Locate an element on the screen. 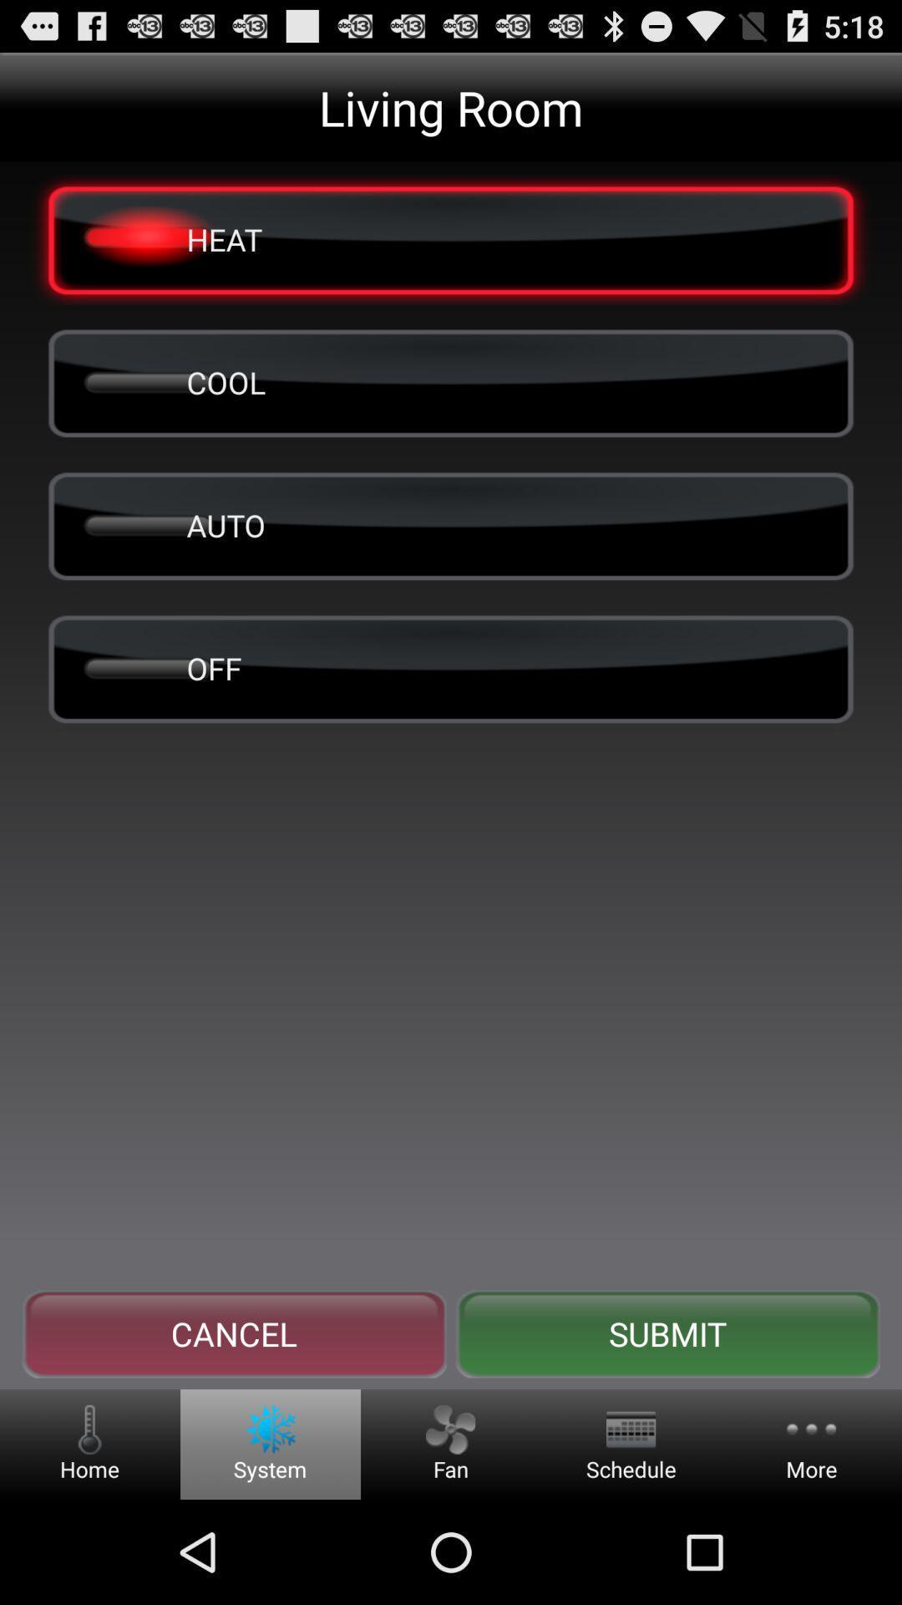 The width and height of the screenshot is (902, 1605). icon to the left of the submit button is located at coordinates (234, 1333).